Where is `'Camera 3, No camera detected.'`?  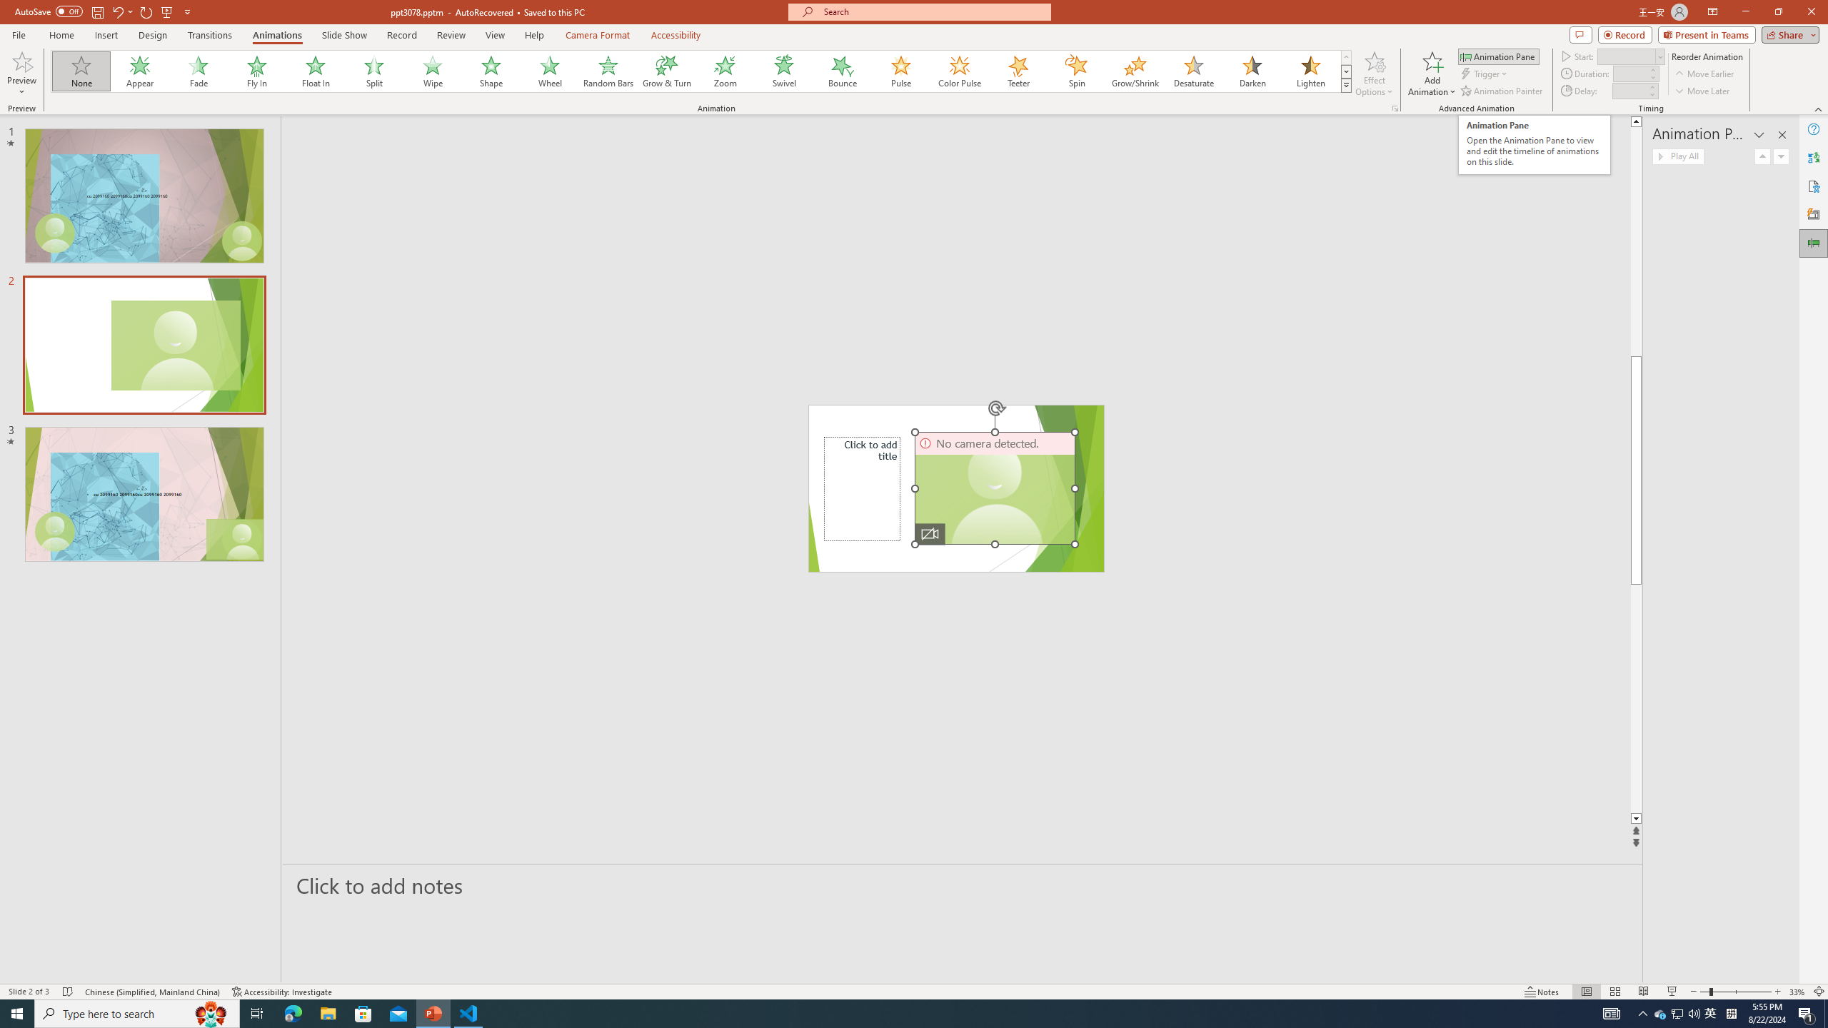 'Camera 3, No camera detected.' is located at coordinates (995, 488).